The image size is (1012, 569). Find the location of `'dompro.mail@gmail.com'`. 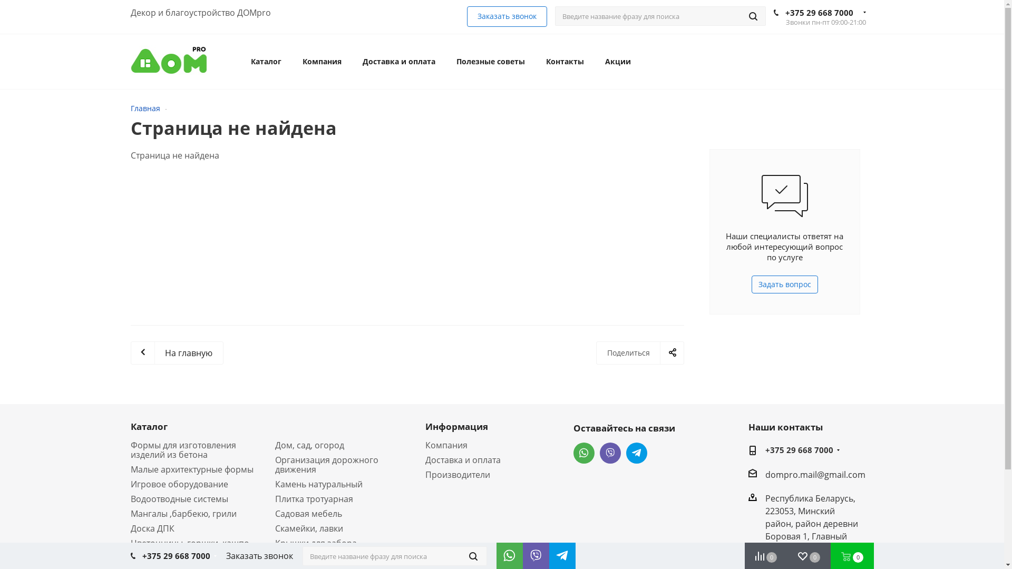

'dompro.mail@gmail.com' is located at coordinates (814, 473).